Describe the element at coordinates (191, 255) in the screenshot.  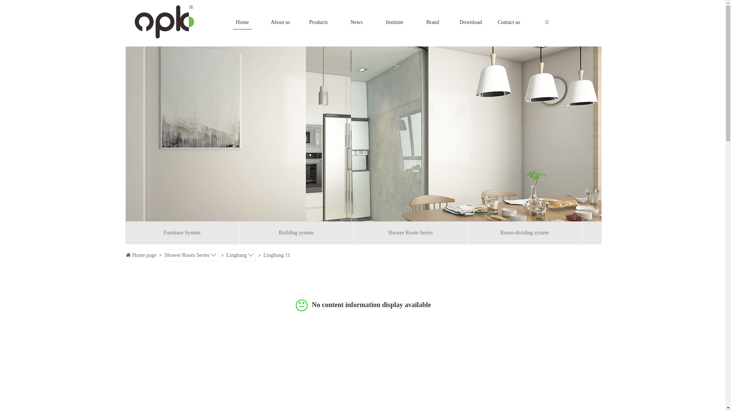
I see `'Shower Room Series'` at that location.